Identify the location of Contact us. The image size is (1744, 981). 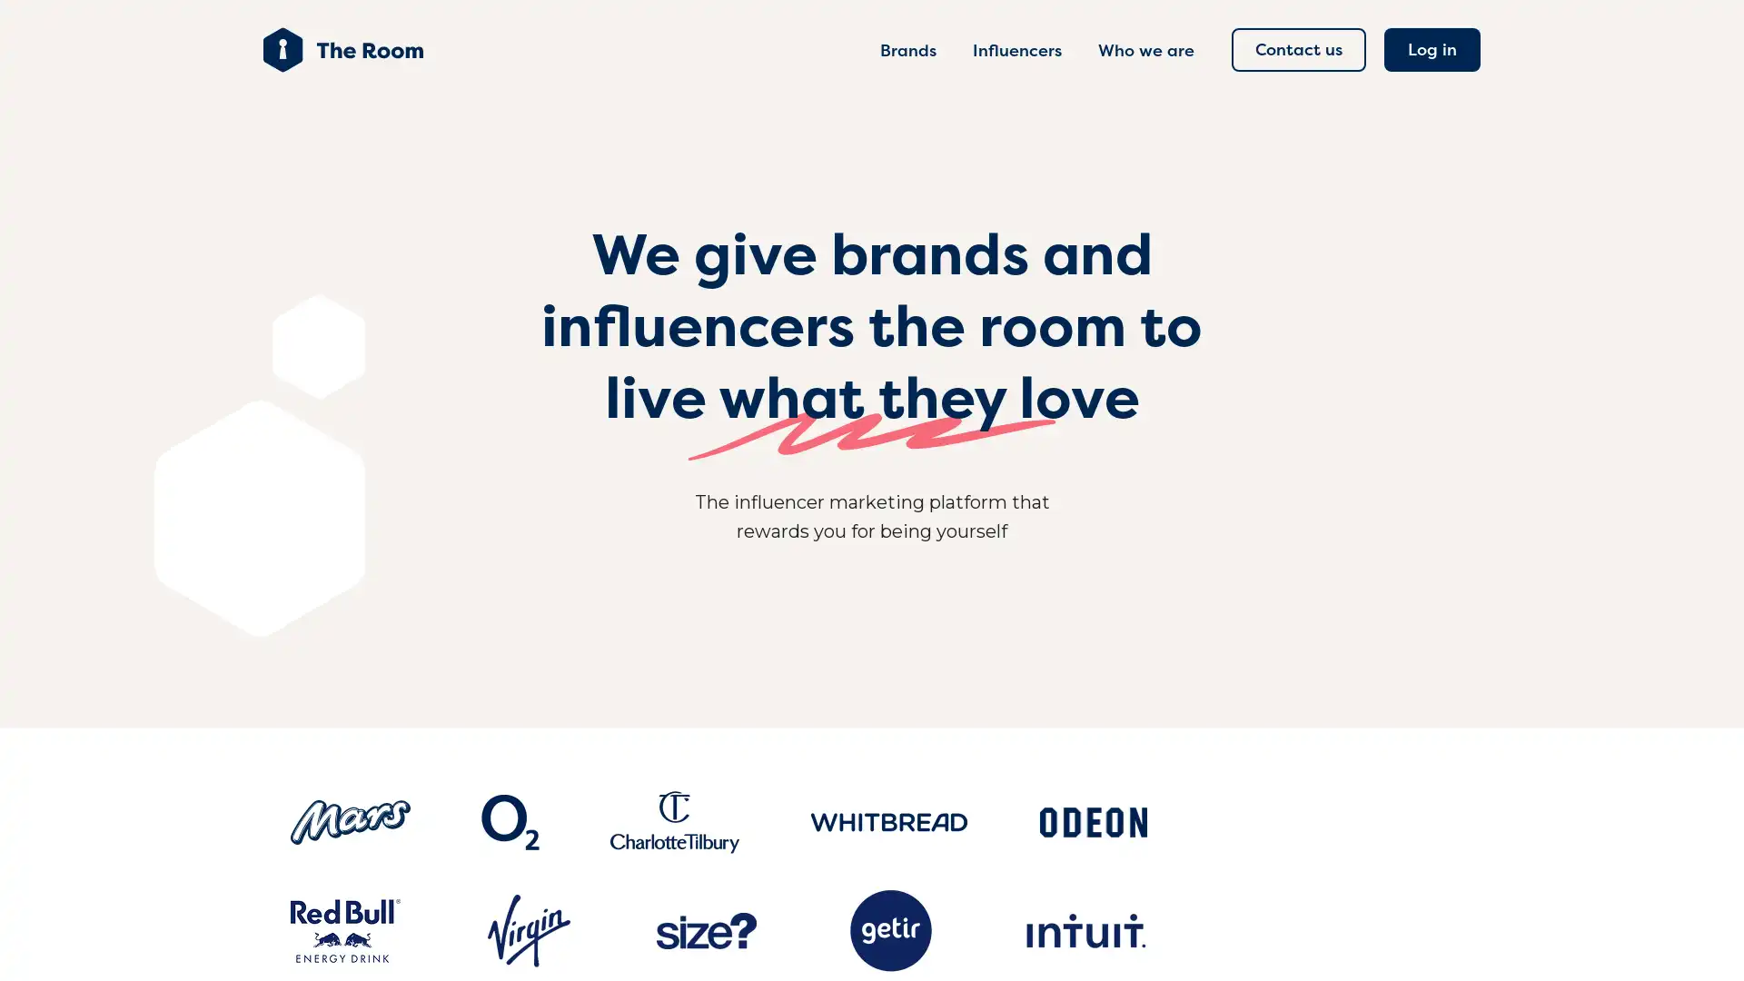
(1298, 48).